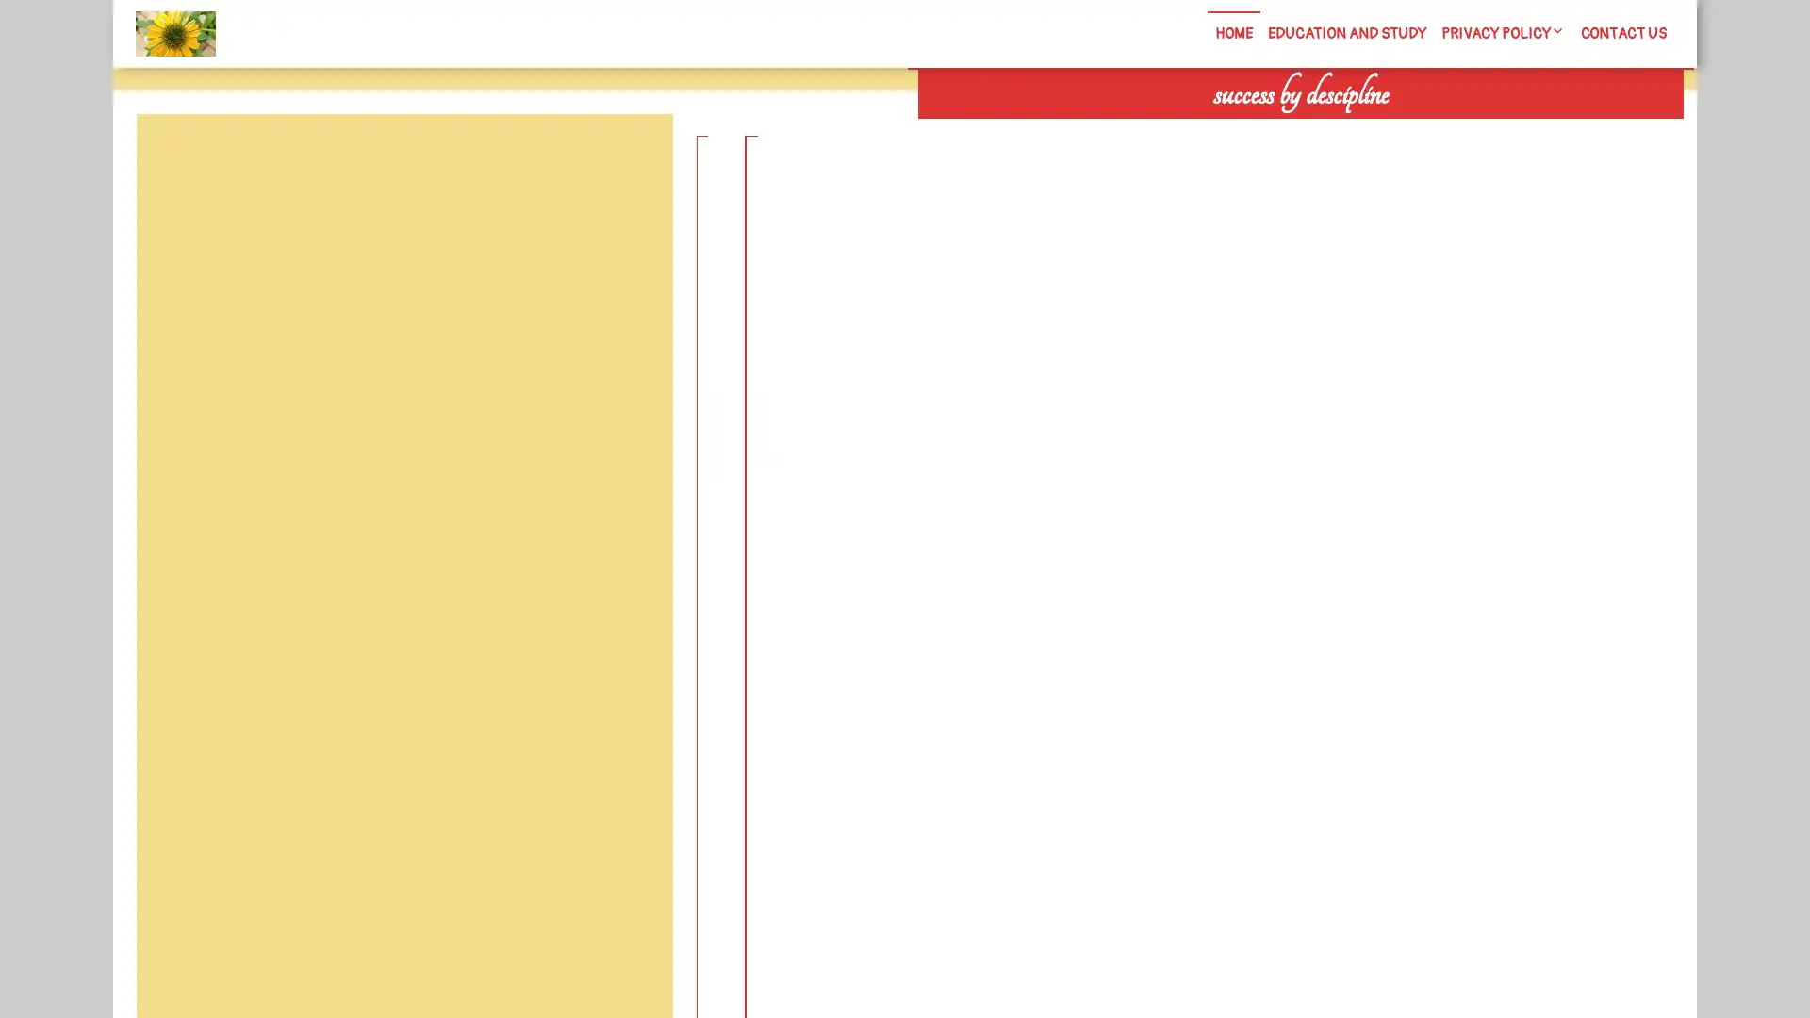 This screenshot has height=1018, width=1810. I want to click on Search, so click(1468, 132).